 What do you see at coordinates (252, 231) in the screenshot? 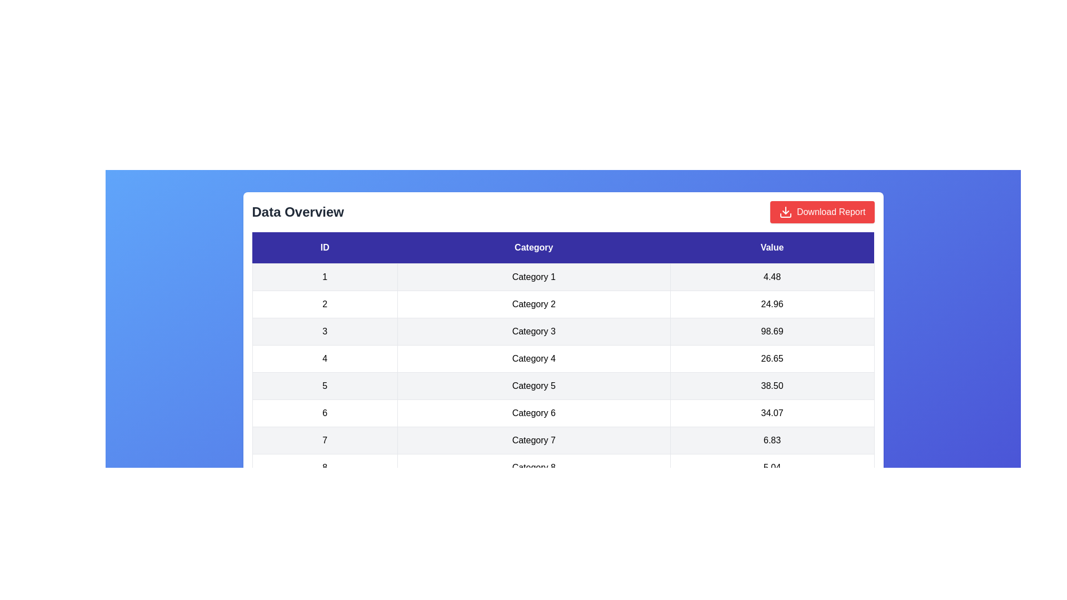
I see `the text in the table header` at bounding box center [252, 231].